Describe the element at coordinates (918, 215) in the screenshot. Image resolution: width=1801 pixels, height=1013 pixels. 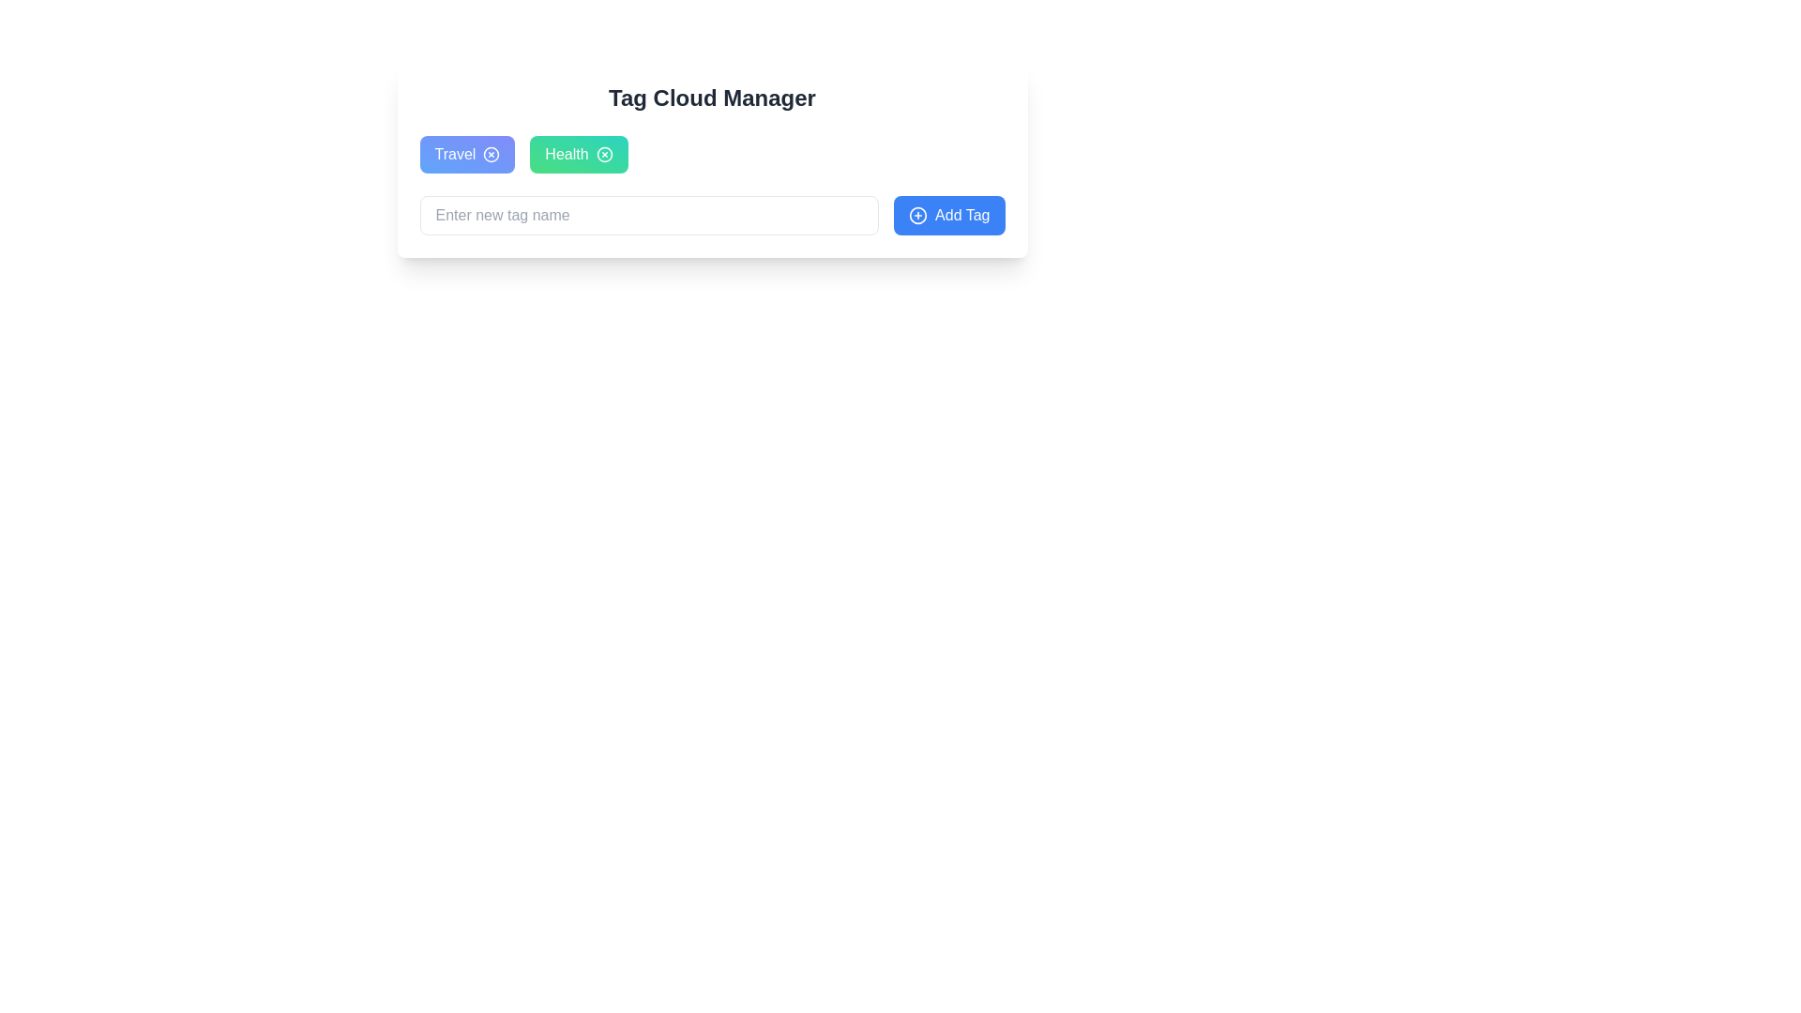
I see `circular outline of the 'Add Tag' button, which represents the 'Add Tag' action, using the browser's developer tools` at that location.